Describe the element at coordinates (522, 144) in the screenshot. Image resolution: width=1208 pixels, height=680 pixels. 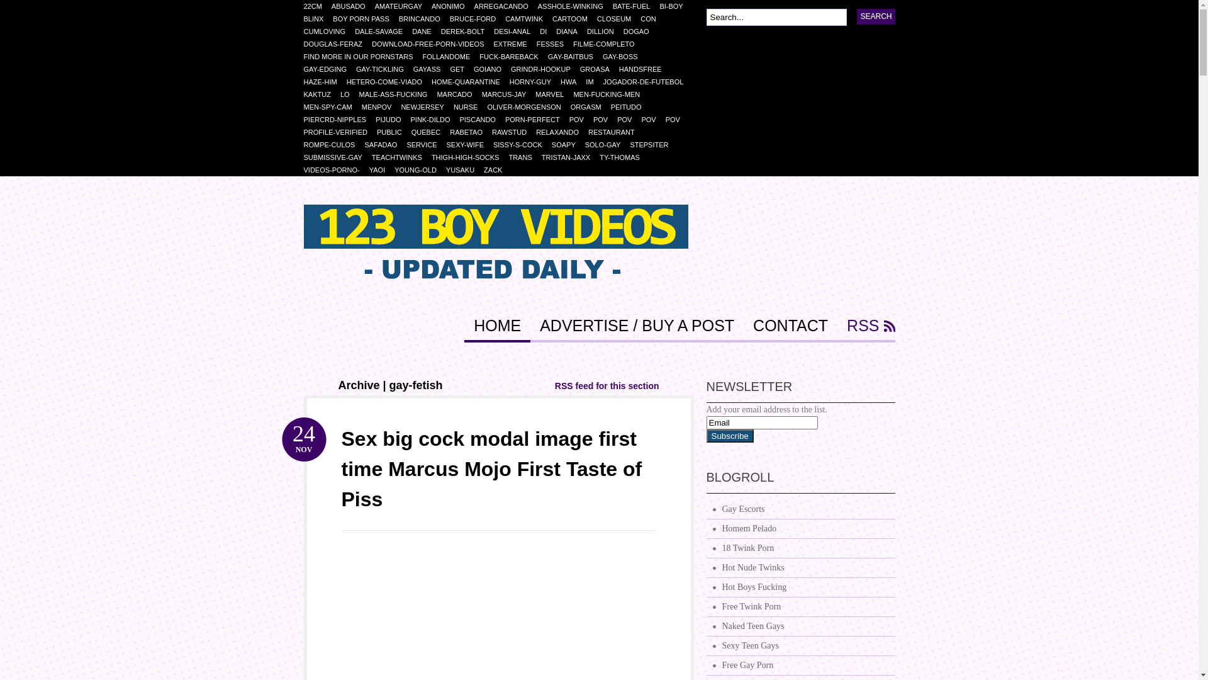
I see `'SISSY-S-COCK'` at that location.